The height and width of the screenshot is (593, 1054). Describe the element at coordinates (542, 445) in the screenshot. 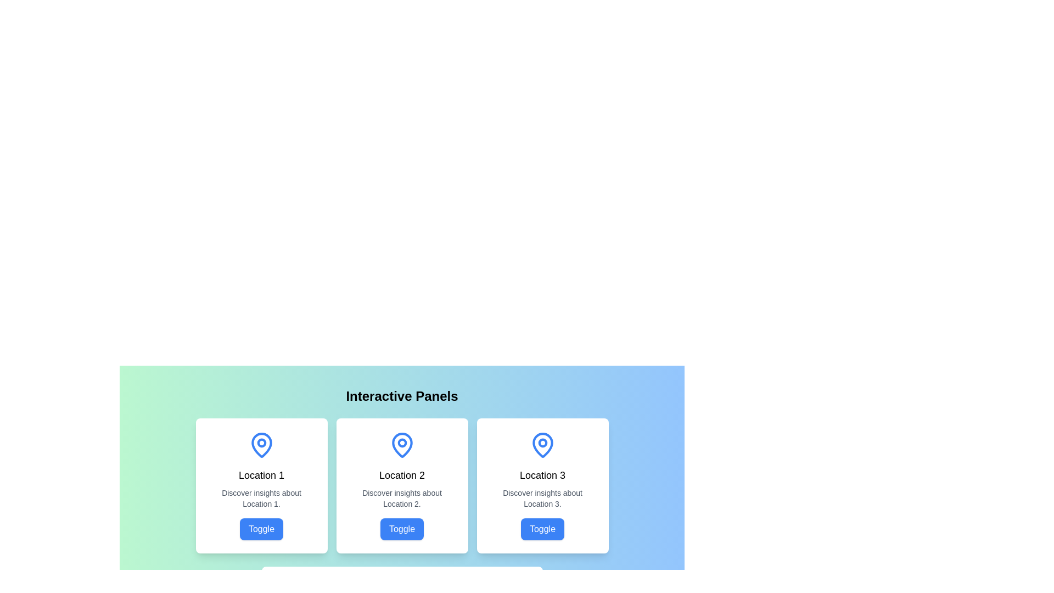

I see `the blue pin icon located at the top center of the card labeled 'Location 3', which is above the text sections and aligned centrally within the card` at that location.